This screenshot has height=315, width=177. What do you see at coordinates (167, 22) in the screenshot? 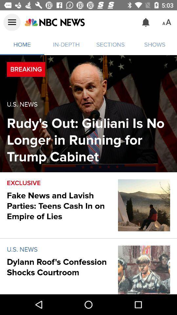
I see `the icon above shows item` at bounding box center [167, 22].